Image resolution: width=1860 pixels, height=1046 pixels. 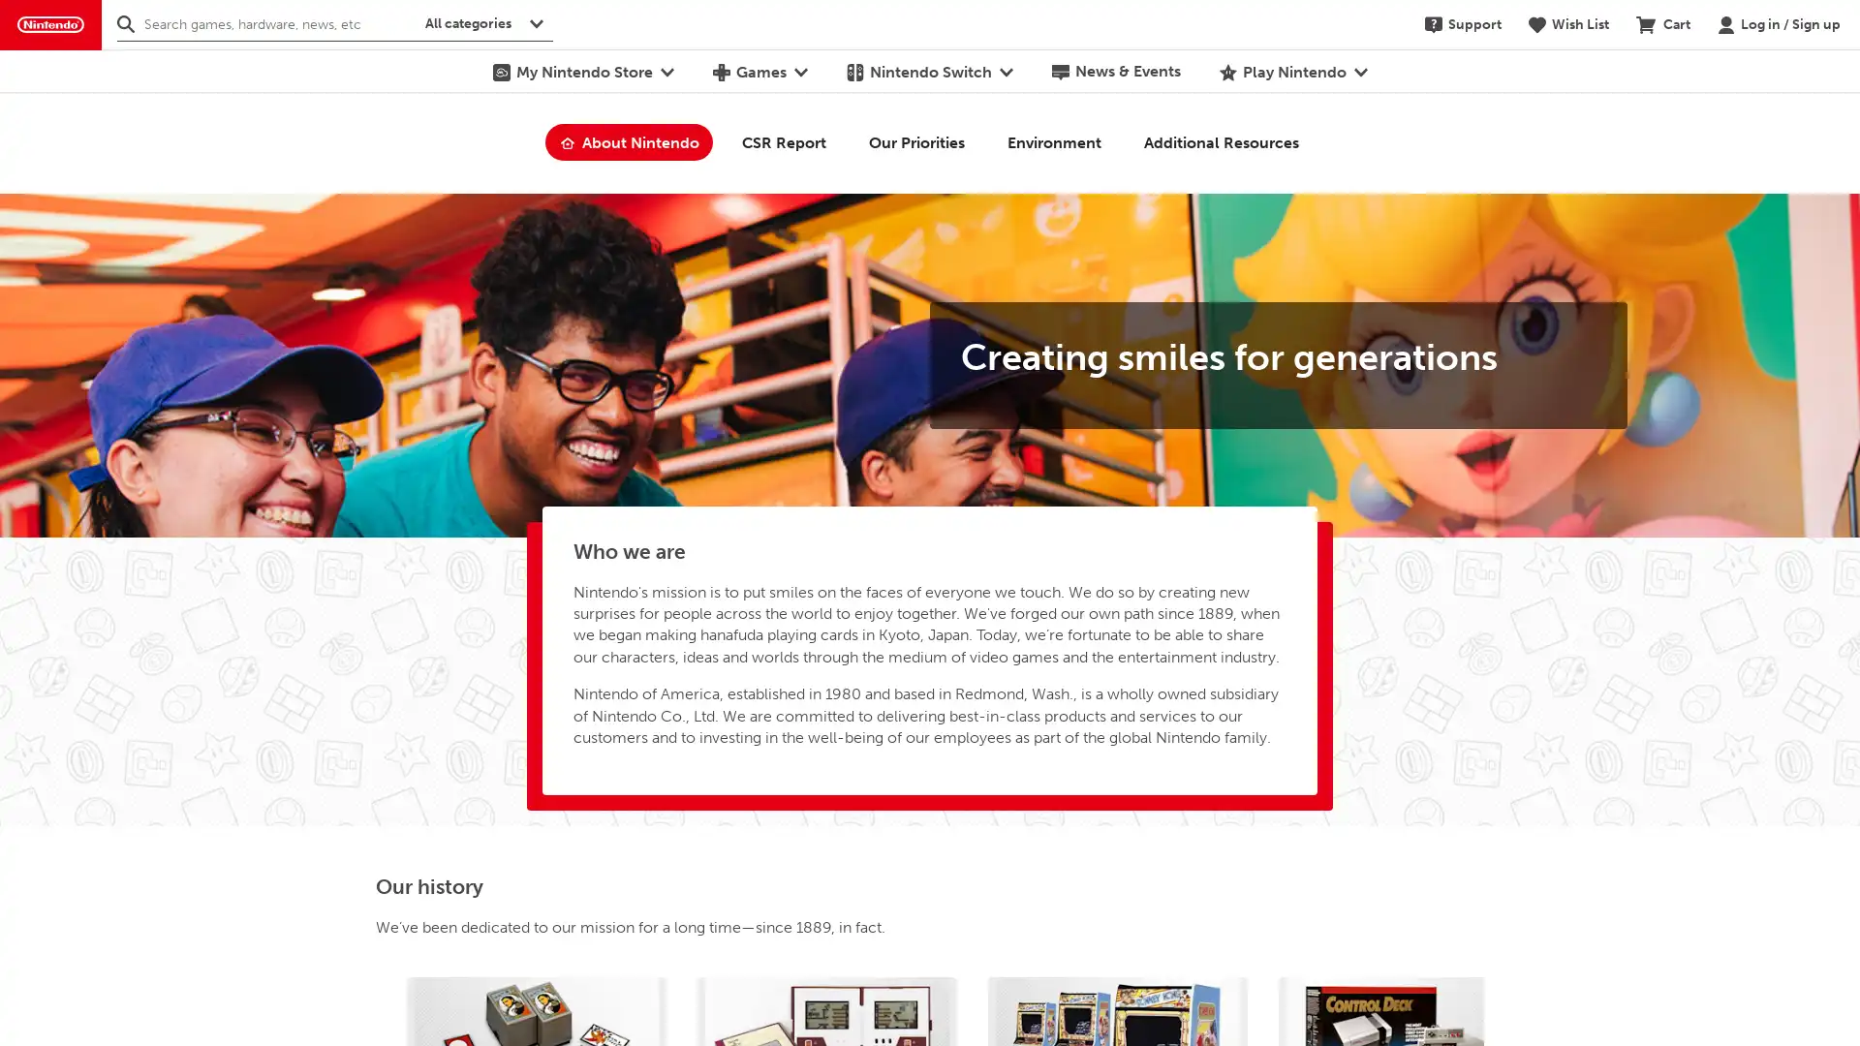 What do you see at coordinates (581, 70) in the screenshot?
I see `My Nintendo Store` at bounding box center [581, 70].